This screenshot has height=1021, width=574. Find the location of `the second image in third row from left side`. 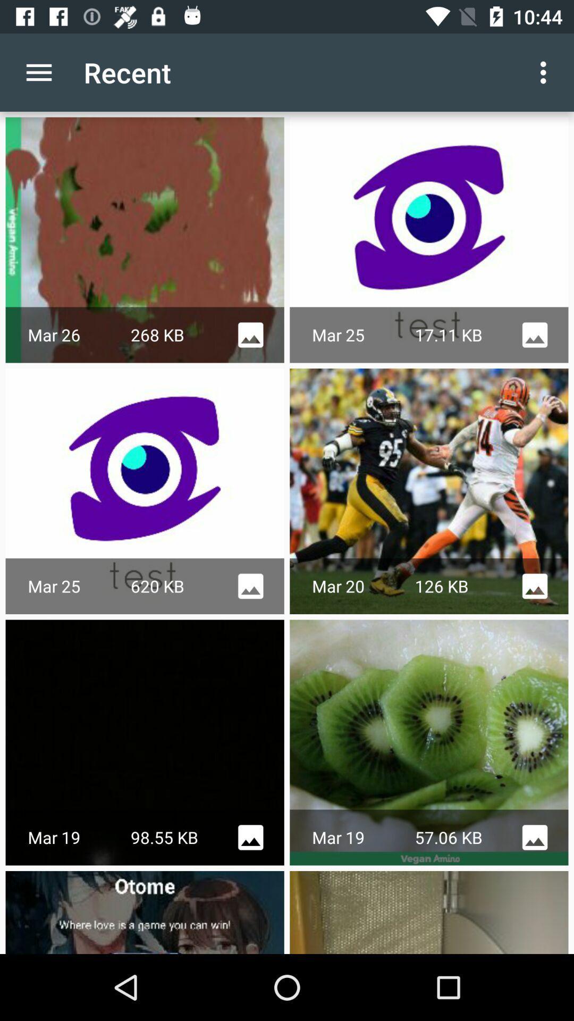

the second image in third row from left side is located at coordinates (428, 742).